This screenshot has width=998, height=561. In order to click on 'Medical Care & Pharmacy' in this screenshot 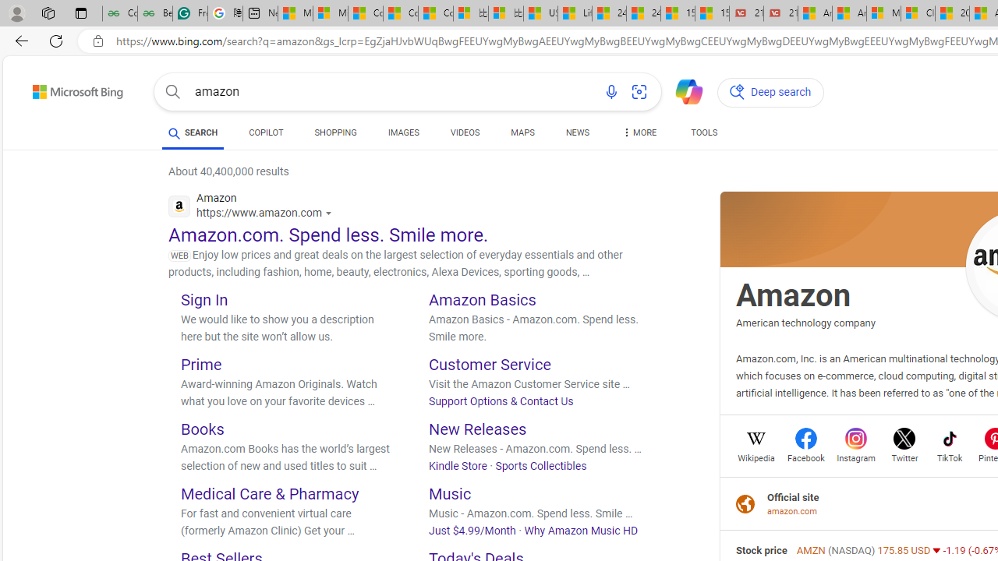, I will do `click(270, 493)`.